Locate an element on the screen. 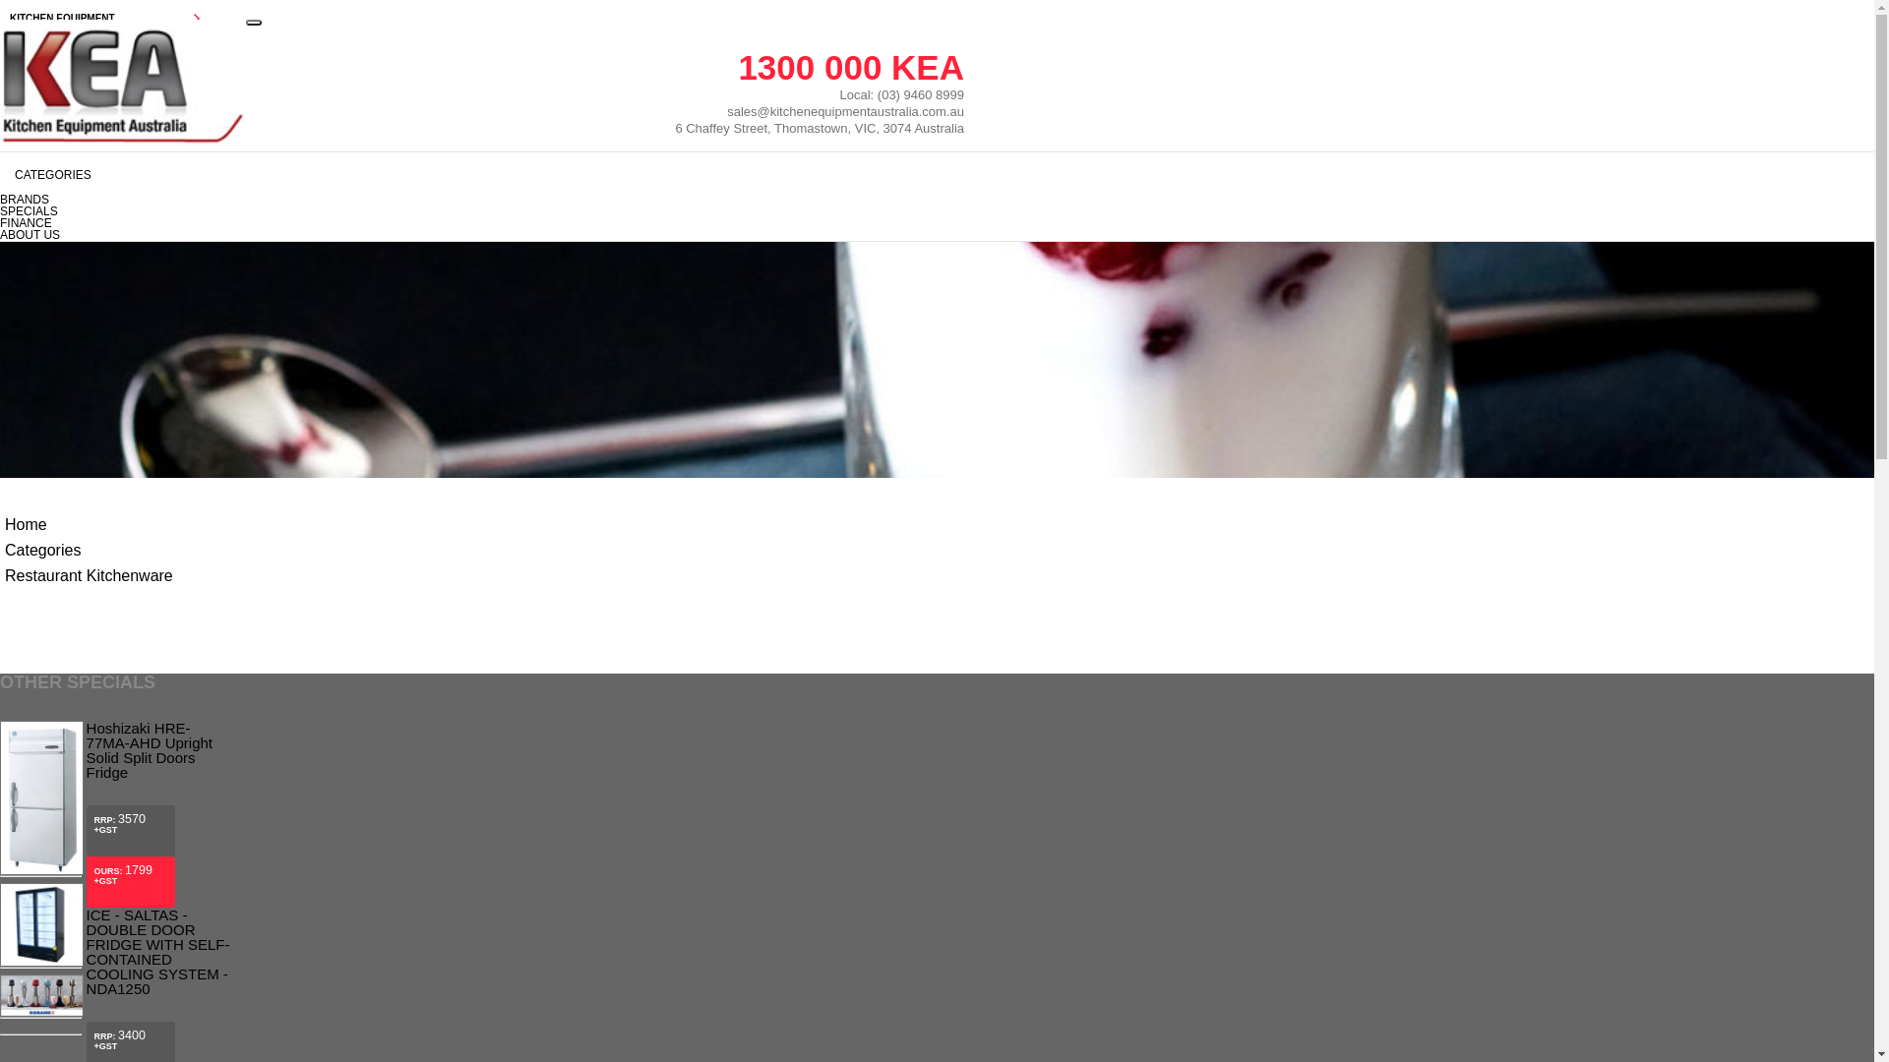 The image size is (1889, 1062). 'PIZZA AND BAKERY EQUIPMENT' is located at coordinates (107, 241).